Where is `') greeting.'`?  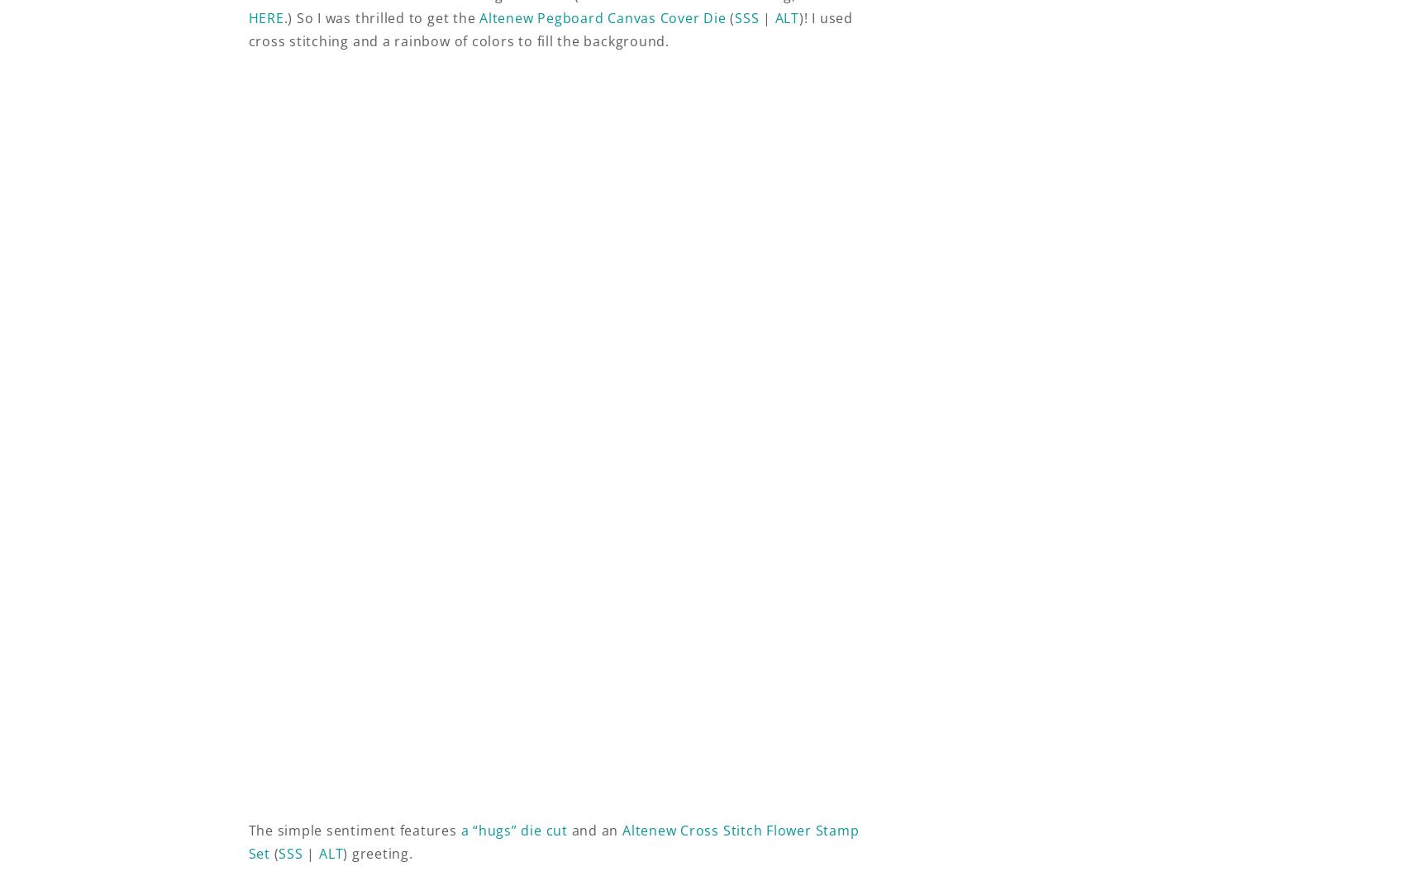 ') greeting.' is located at coordinates (377, 852).